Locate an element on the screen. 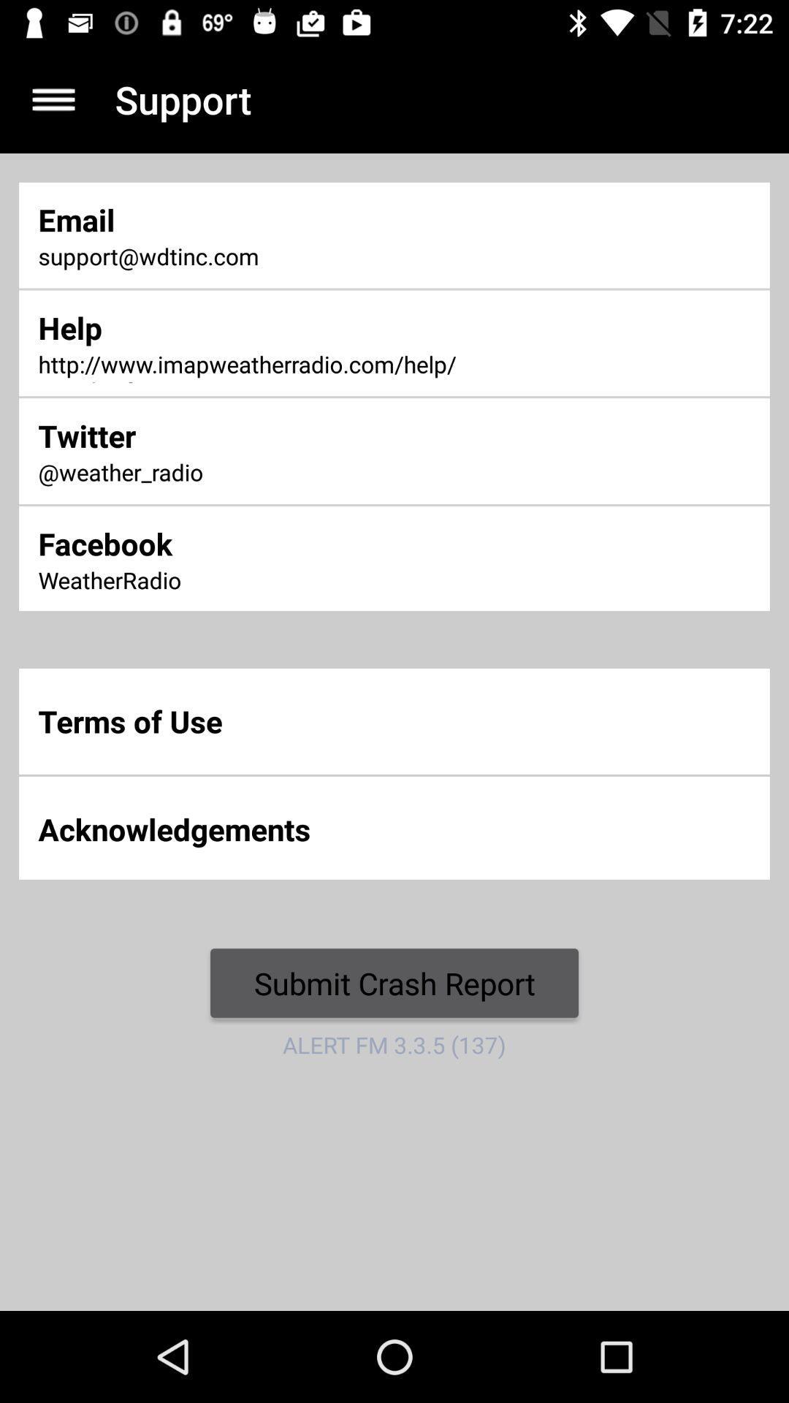 This screenshot has width=789, height=1403. the item above twitter item is located at coordinates (260, 365).